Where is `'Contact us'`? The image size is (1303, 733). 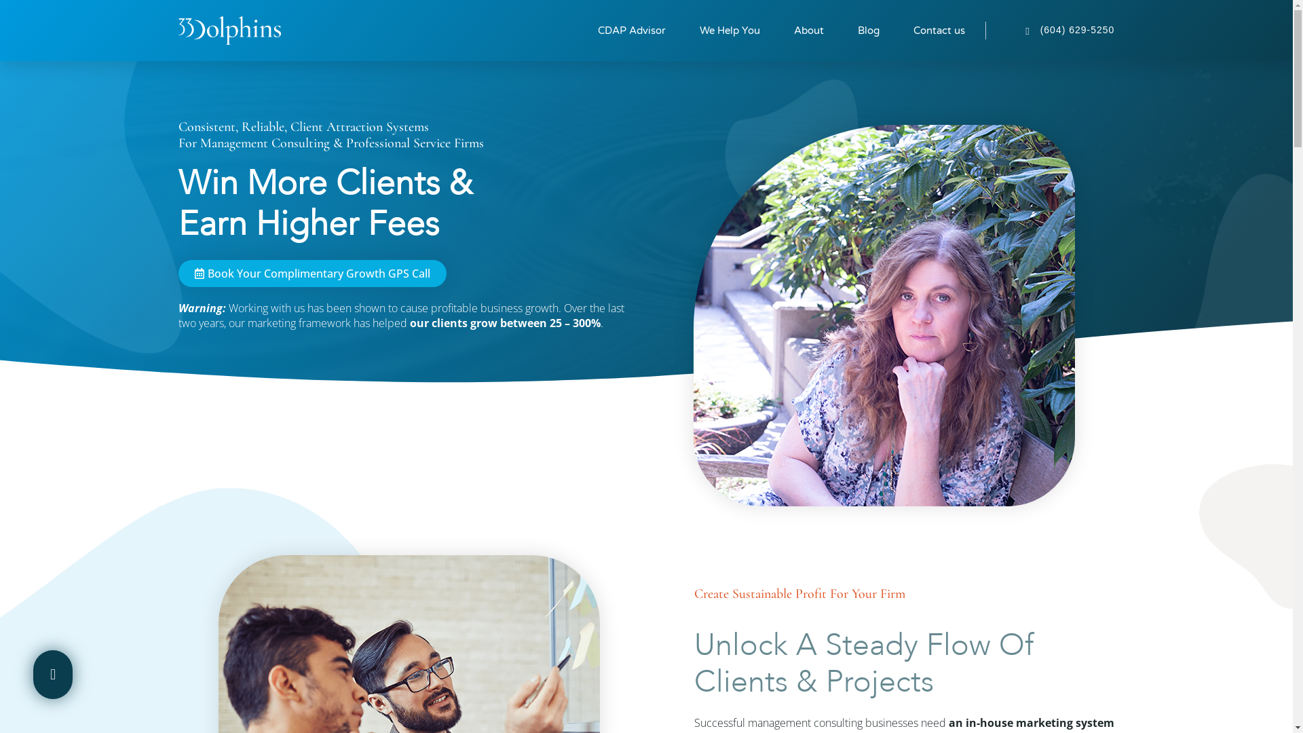 'Contact us' is located at coordinates (938, 31).